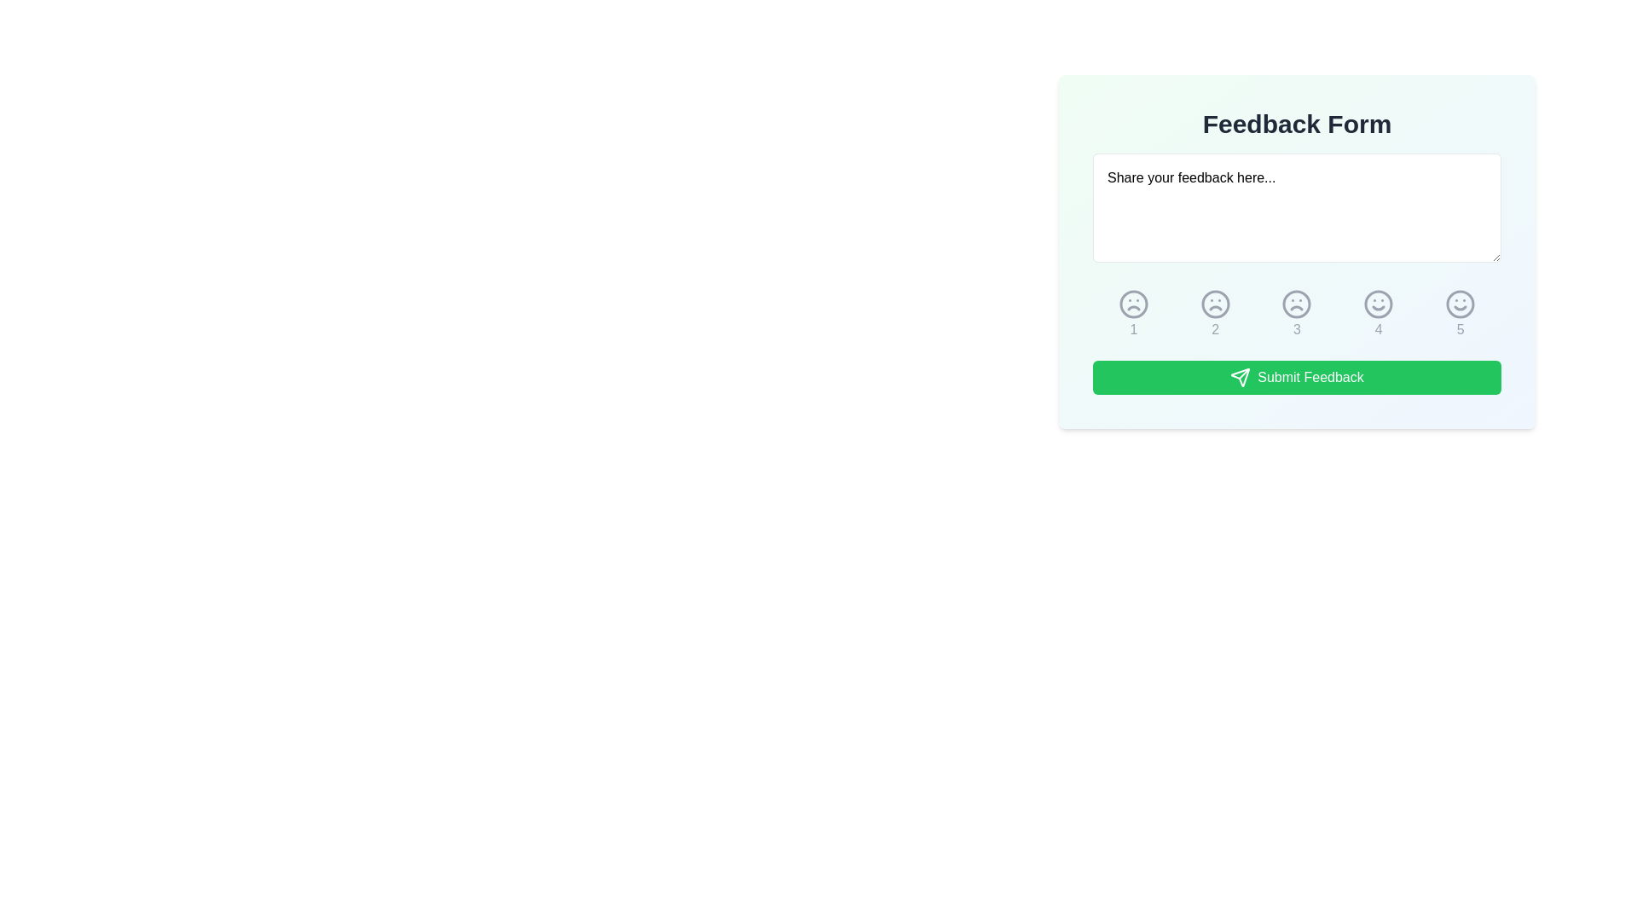 The image size is (1637, 921). Describe the element at coordinates (1379, 315) in the screenshot. I see `the circular smiley face icon with the label '4'` at that location.